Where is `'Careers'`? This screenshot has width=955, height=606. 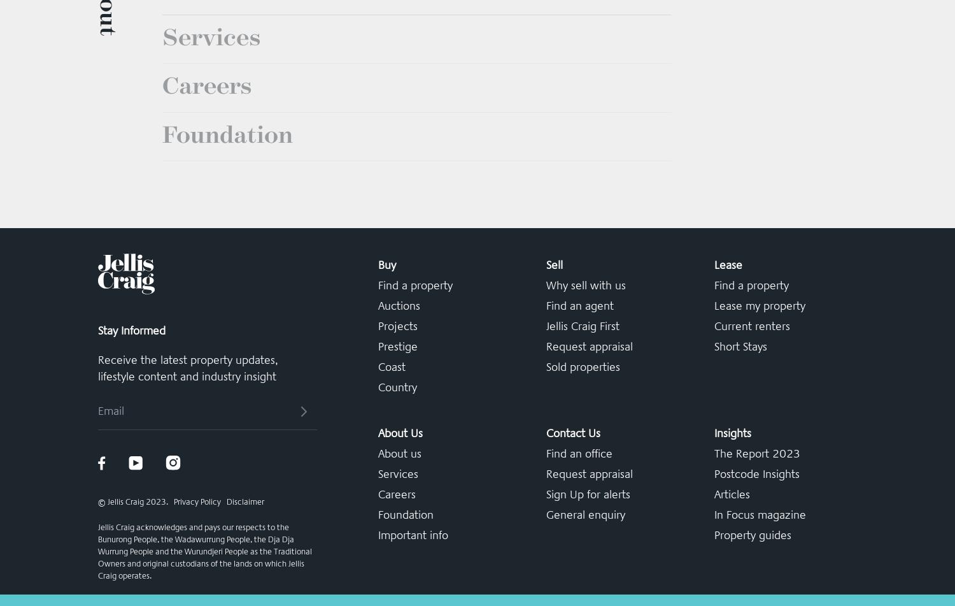
'Careers' is located at coordinates (206, 282).